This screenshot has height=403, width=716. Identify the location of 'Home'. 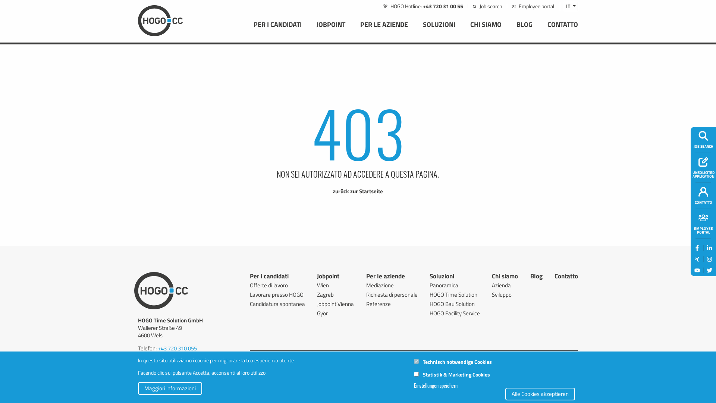
(160, 19).